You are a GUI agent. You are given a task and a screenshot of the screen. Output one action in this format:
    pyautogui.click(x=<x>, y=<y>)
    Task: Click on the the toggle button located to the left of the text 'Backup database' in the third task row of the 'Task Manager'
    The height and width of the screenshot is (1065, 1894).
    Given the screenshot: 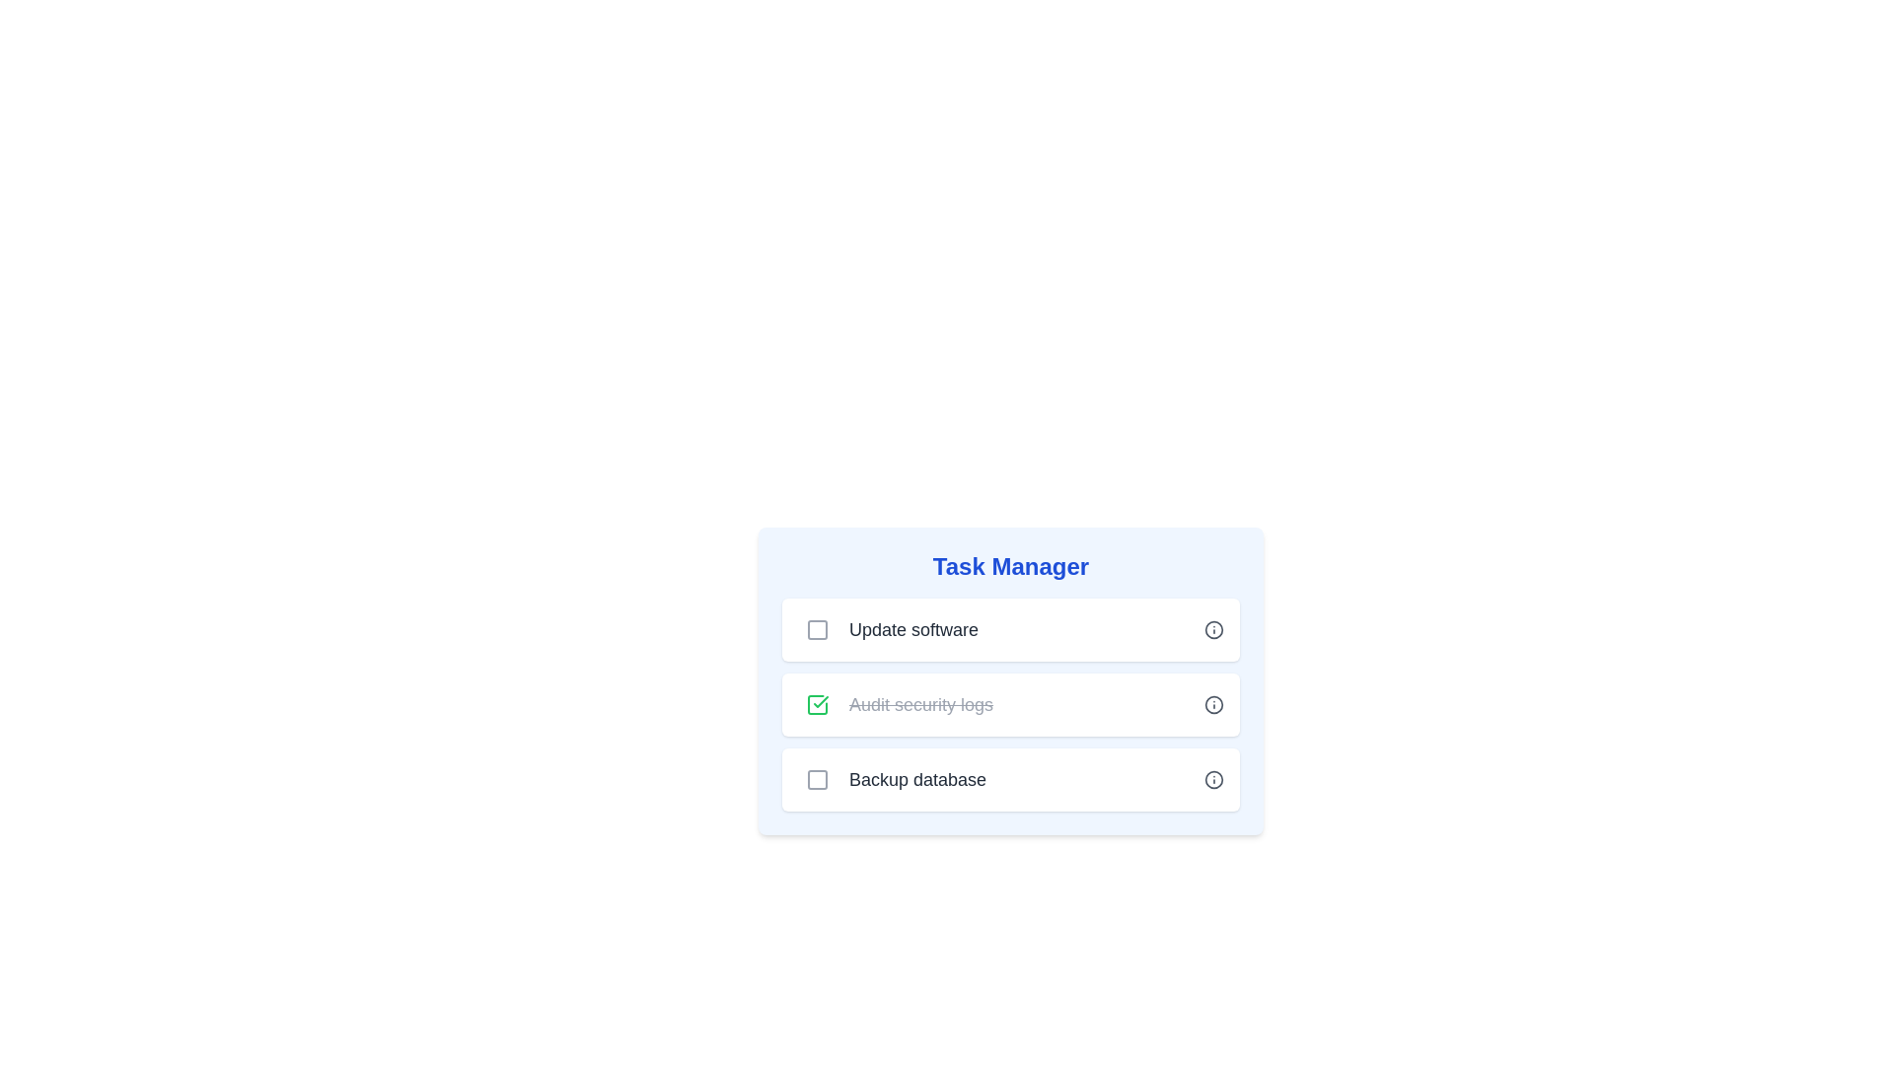 What is the action you would take?
    pyautogui.click(x=818, y=778)
    